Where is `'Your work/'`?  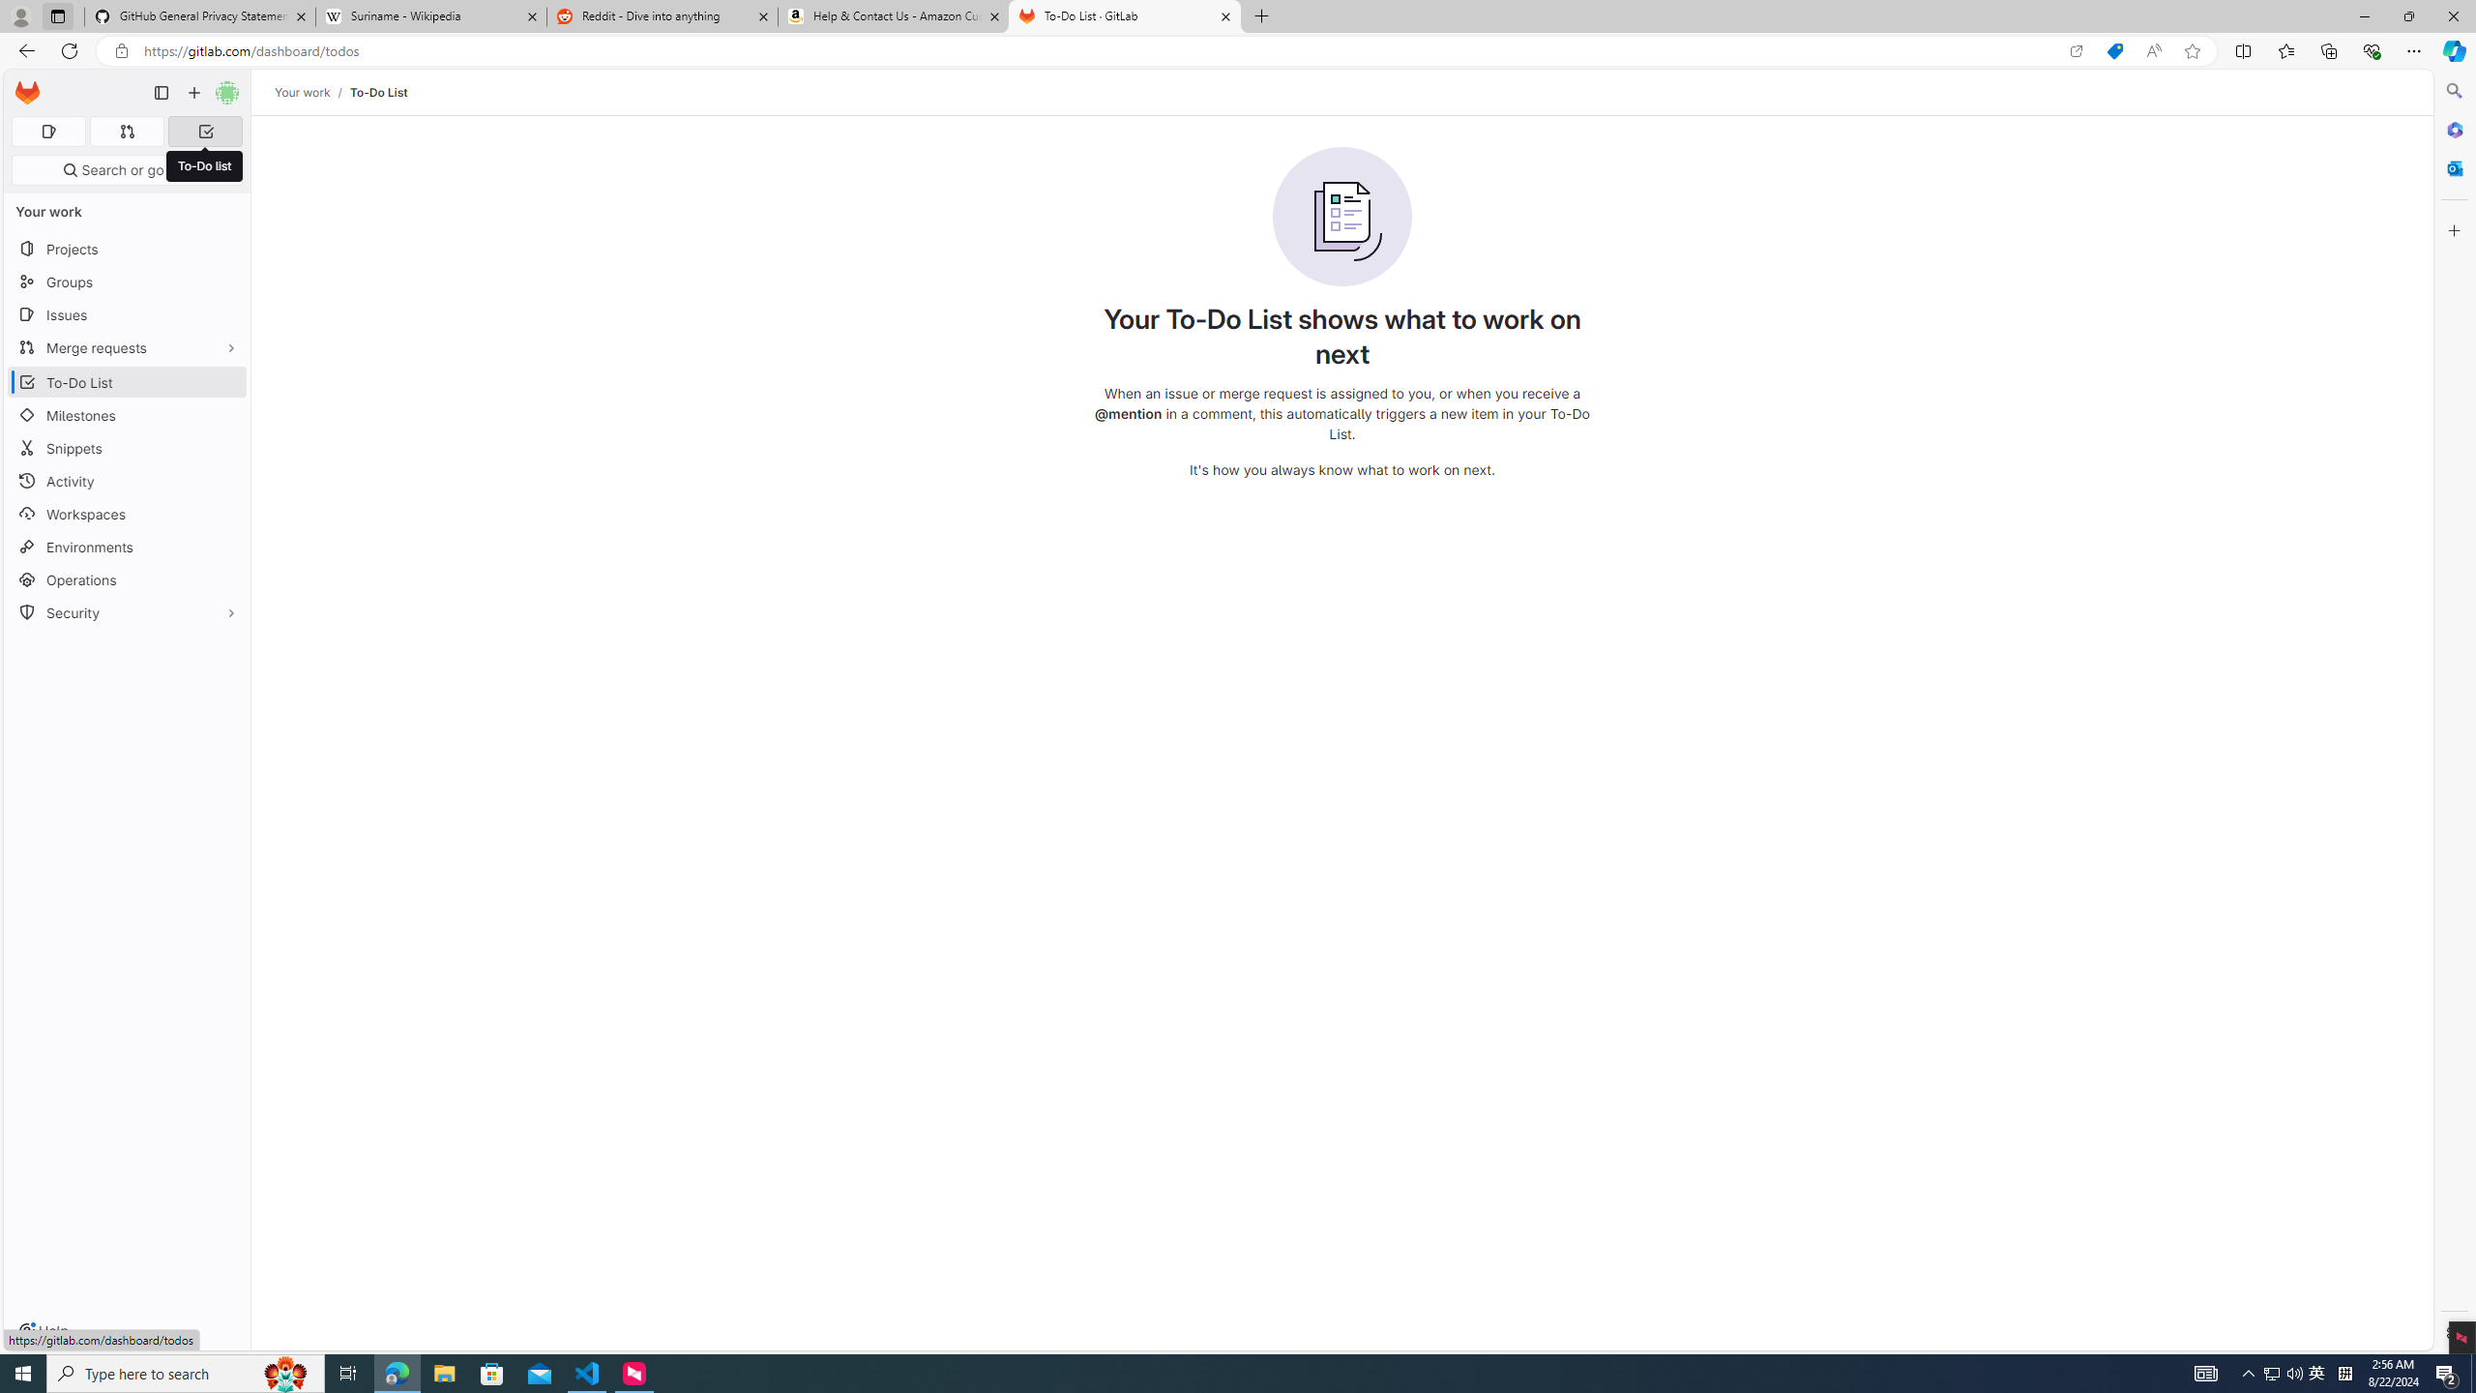 'Your work/' is located at coordinates (311, 92).